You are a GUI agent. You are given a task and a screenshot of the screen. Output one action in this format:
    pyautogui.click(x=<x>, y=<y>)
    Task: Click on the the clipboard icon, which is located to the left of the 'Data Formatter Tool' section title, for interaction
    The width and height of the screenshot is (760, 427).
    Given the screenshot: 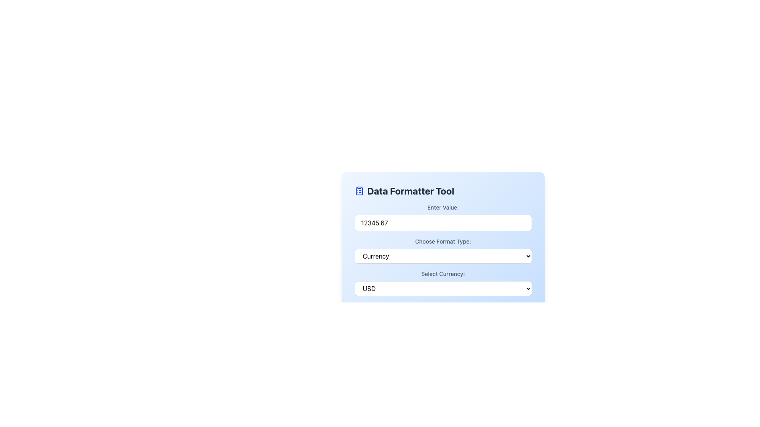 What is the action you would take?
    pyautogui.click(x=359, y=191)
    